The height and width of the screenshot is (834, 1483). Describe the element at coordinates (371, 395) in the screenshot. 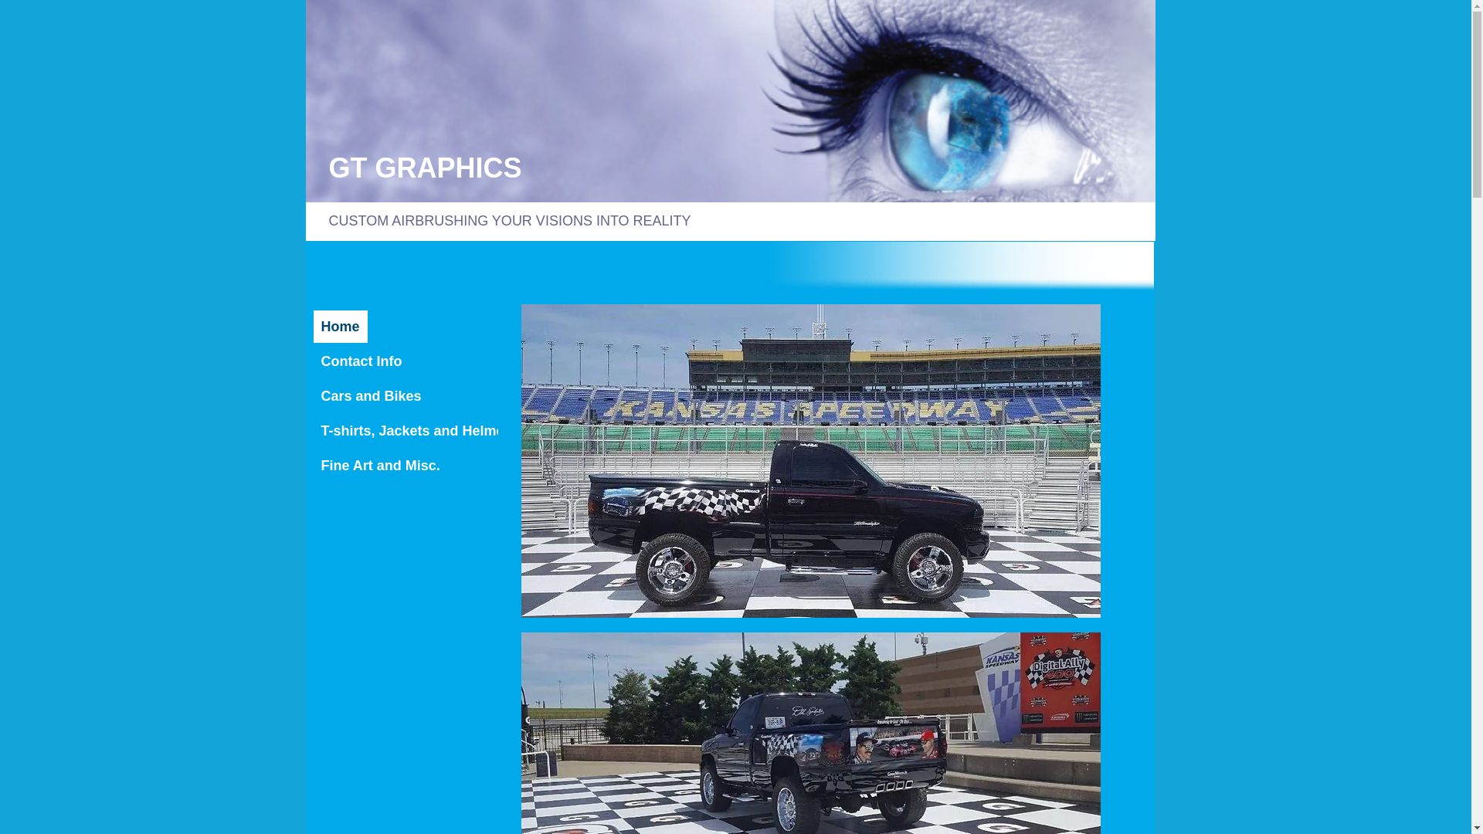

I see `'Cars and Bikes'` at that location.